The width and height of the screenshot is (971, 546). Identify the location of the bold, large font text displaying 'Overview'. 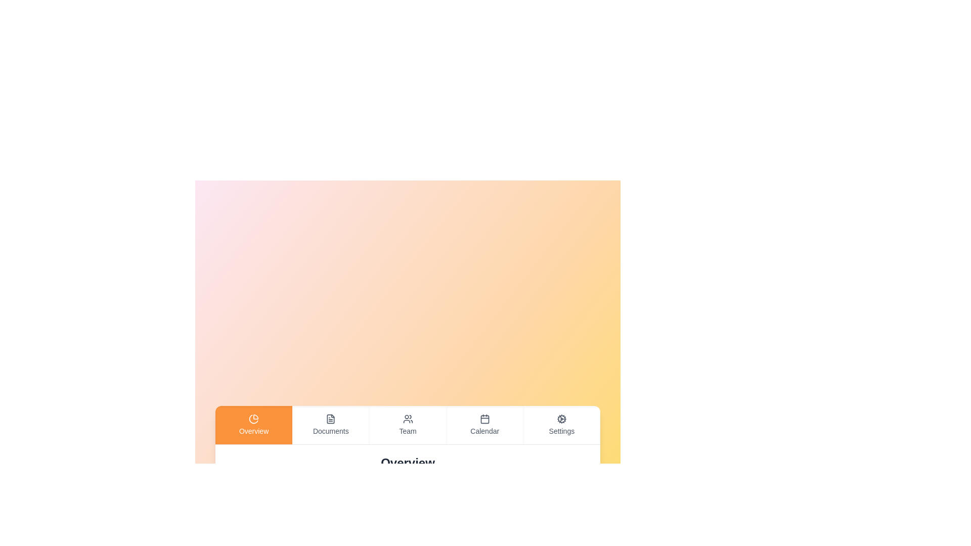
(408, 463).